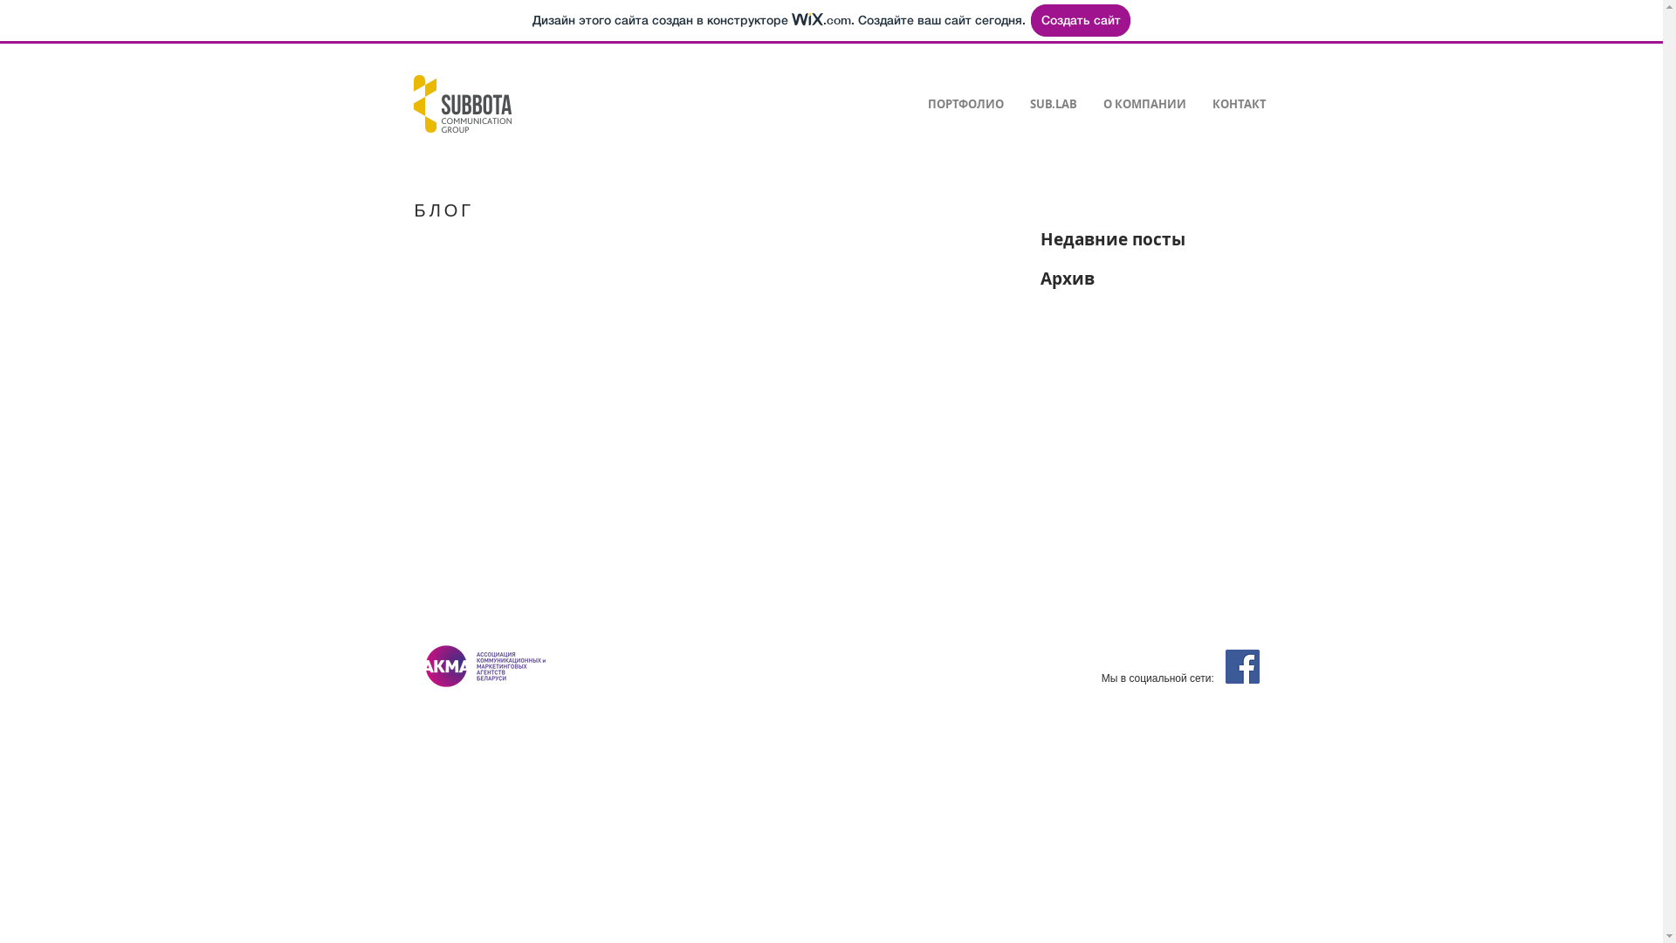 This screenshot has height=943, width=1676. Describe the element at coordinates (1052, 104) in the screenshot. I see `'SUB.LAB'` at that location.